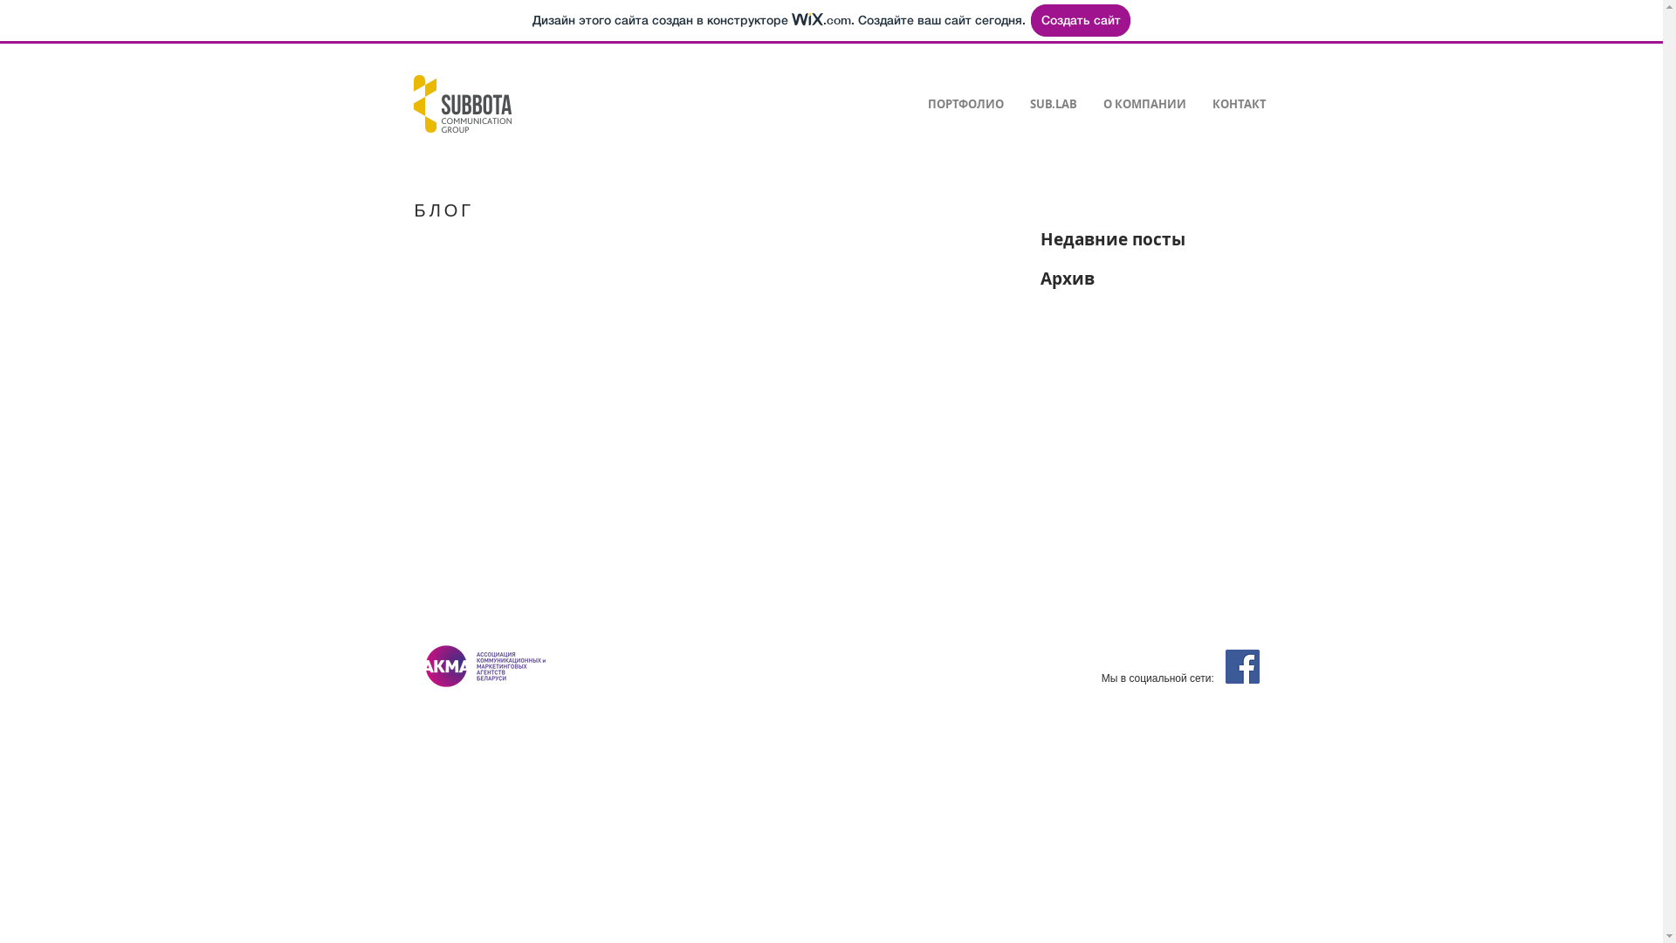 This screenshot has height=943, width=1676. Describe the element at coordinates (1052, 104) in the screenshot. I see `'SUB.LAB'` at that location.